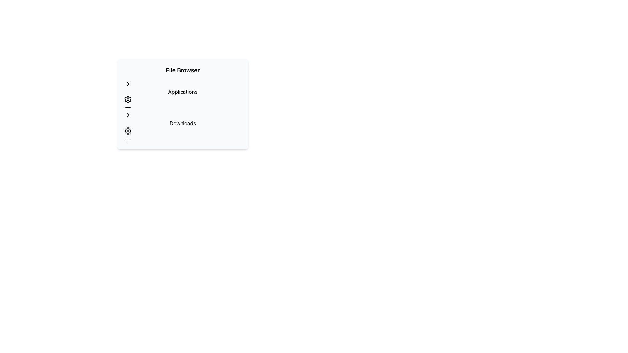 The image size is (628, 353). Describe the element at coordinates (183, 123) in the screenshot. I see `the Text Label that represents a section or category within the 'File Browser' card, positioned below 'Applications' as the third visible text element` at that location.